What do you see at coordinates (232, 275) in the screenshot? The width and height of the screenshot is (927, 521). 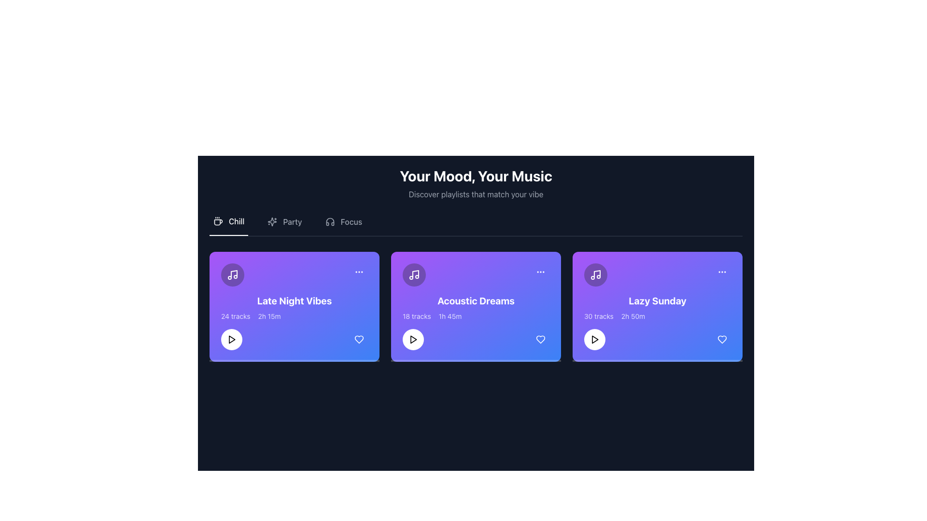 I see `the circular icon with a black background and white music note inside, located at the top-left corner of the 'Late Night Vibes' card` at bounding box center [232, 275].